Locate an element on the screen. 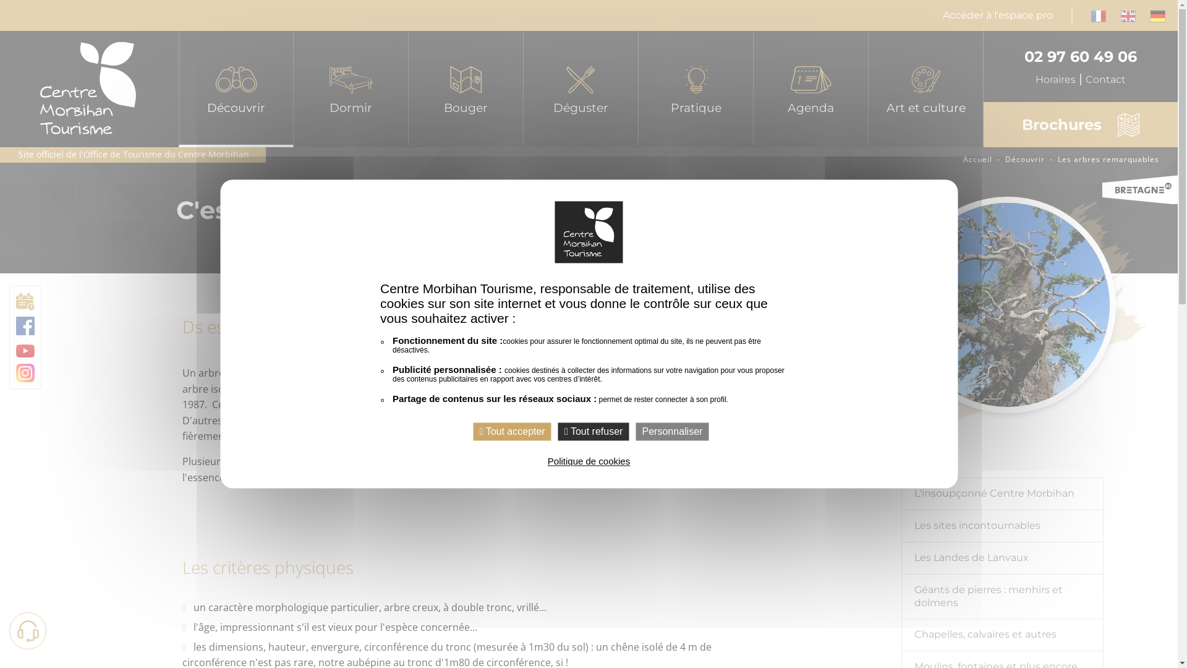  'Brochures' is located at coordinates (1079, 124).